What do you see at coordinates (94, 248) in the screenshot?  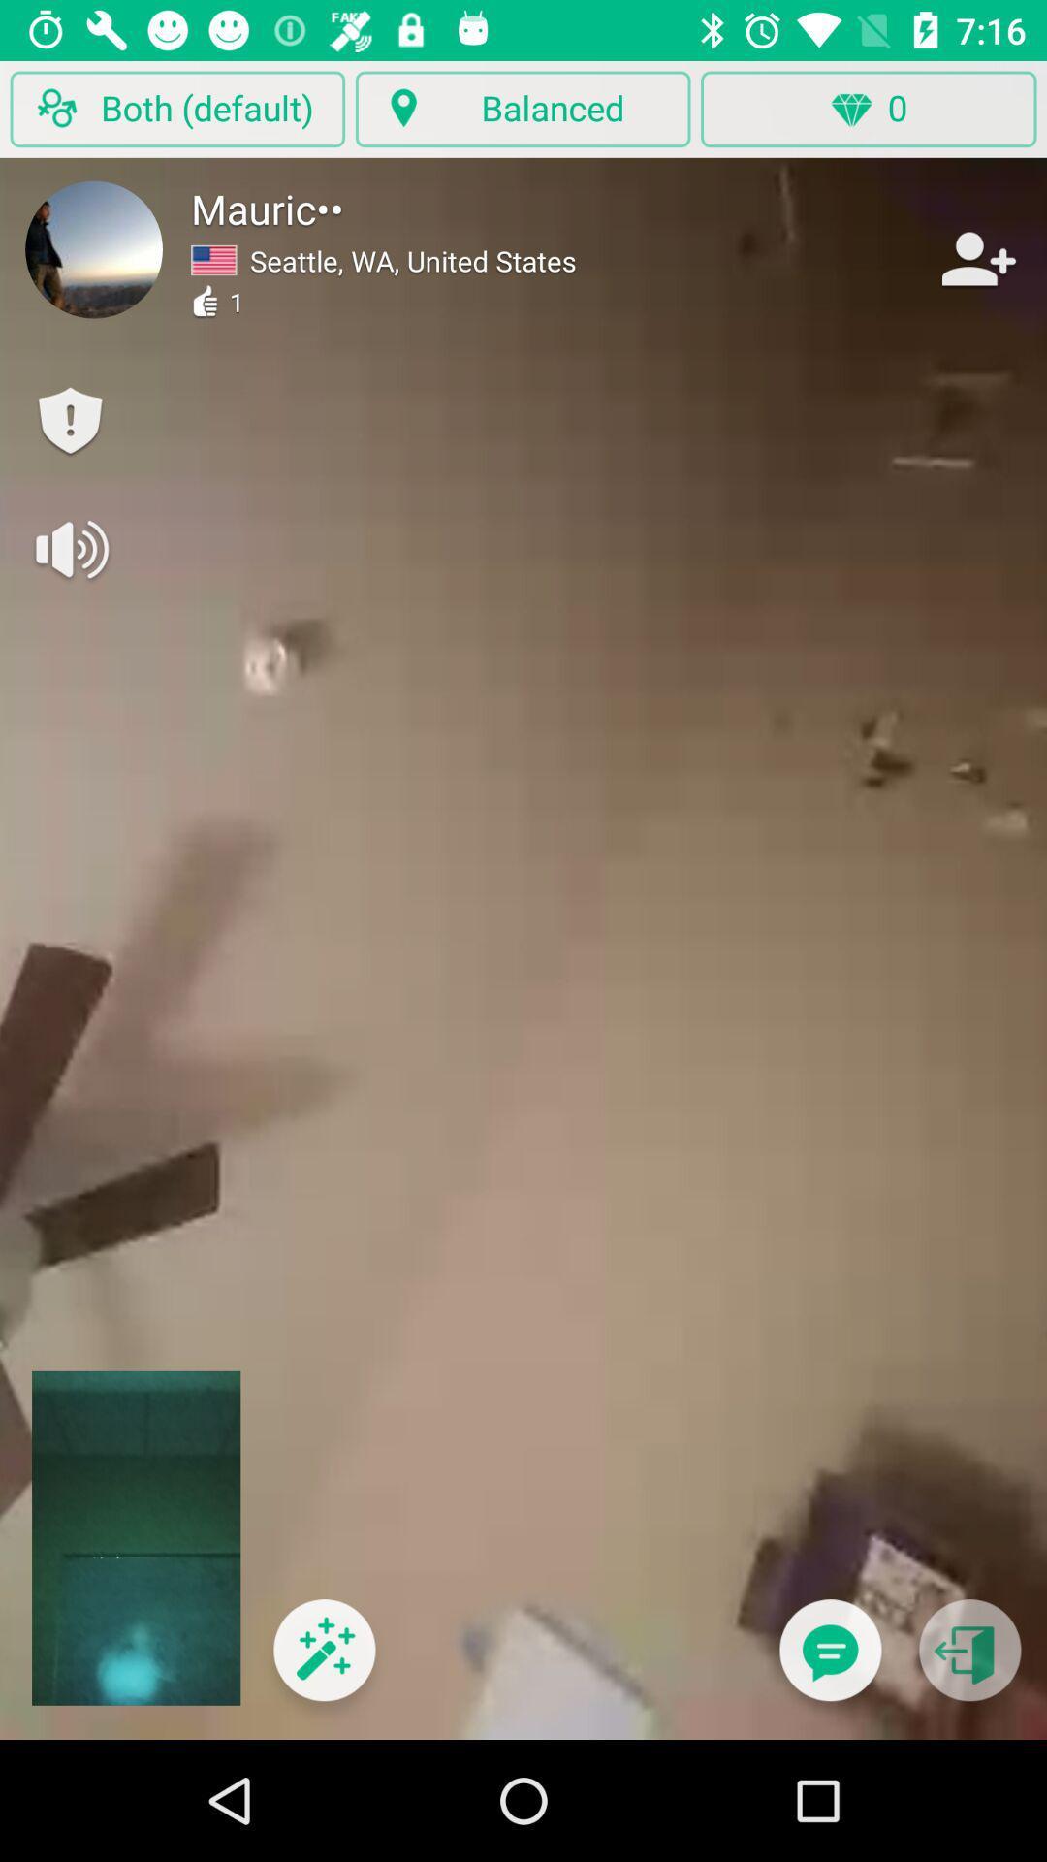 I see `look at user profile` at bounding box center [94, 248].